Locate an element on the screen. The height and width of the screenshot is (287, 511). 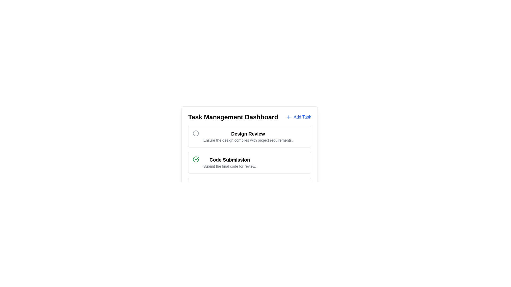
the static text element titled 'Task Management Dashboard', which is a bold, large header located at the top of the section is located at coordinates (233, 117).